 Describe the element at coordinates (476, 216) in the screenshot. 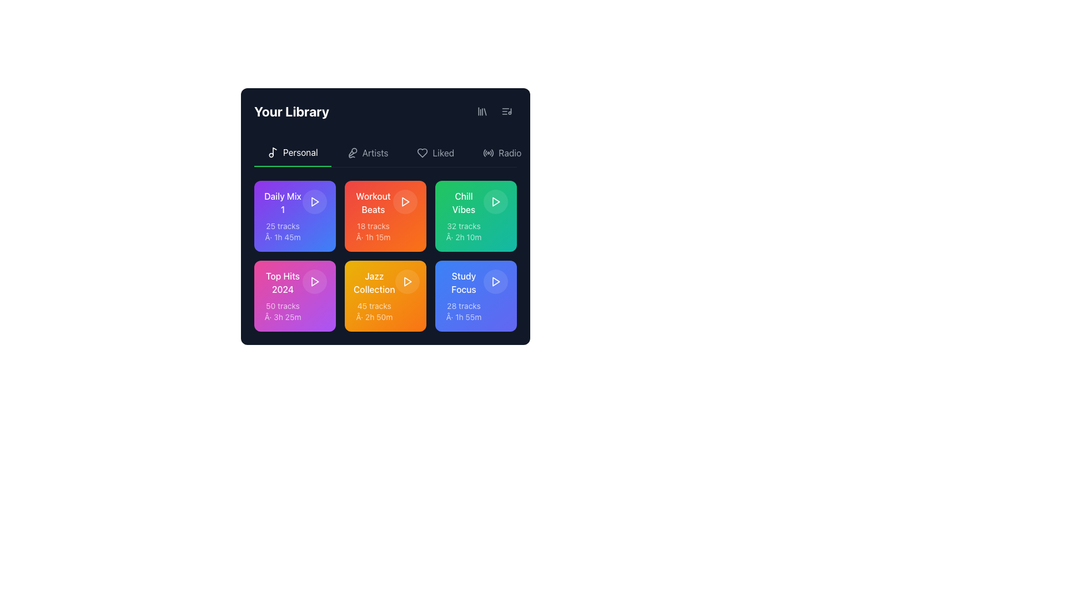

I see `the circular white play button located in the top-right corner of the 'Chill Vibes' informational tile` at that location.